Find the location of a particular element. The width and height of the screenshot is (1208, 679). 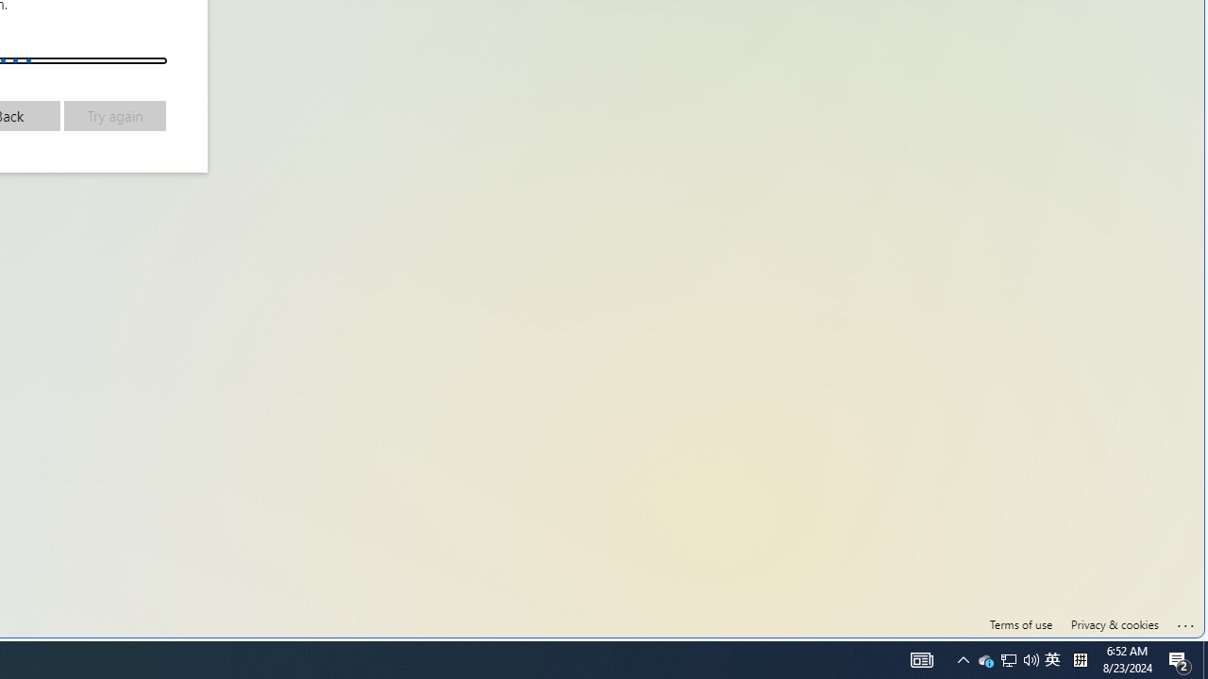

'Terms of use' is located at coordinates (1020, 624).